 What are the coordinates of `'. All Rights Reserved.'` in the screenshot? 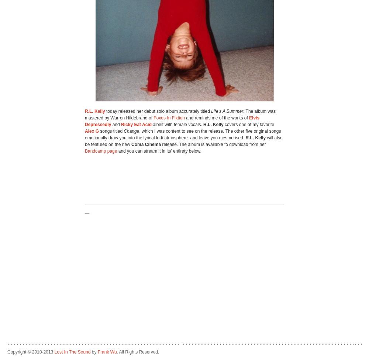 It's located at (137, 352).